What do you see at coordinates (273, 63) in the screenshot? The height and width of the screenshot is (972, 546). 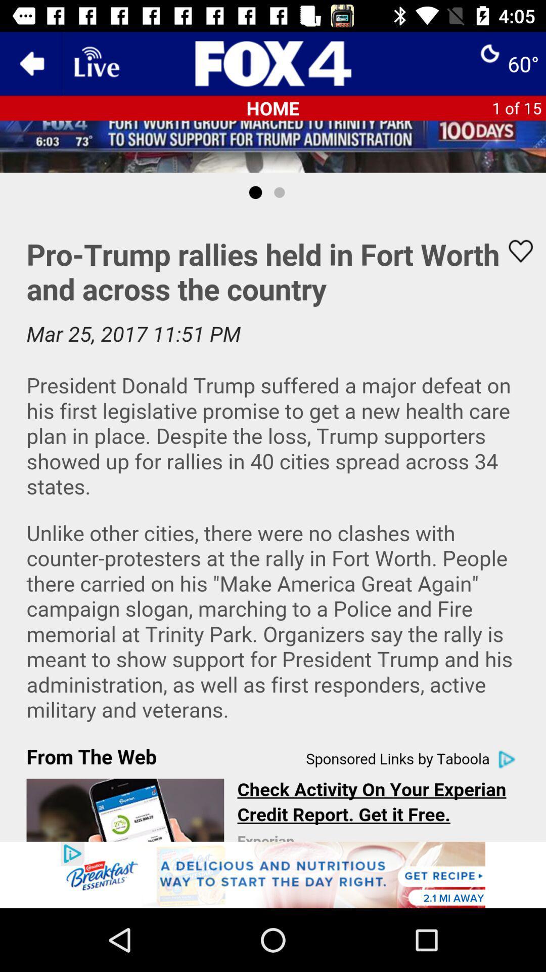 I see `switch home option` at bounding box center [273, 63].